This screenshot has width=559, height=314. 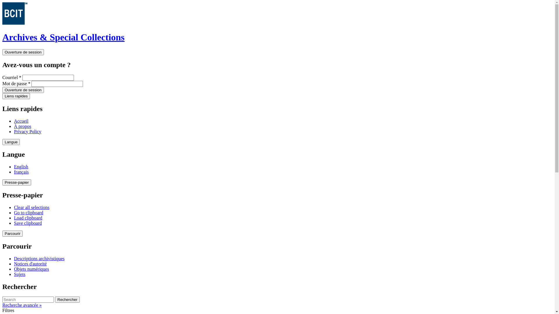 I want to click on 'English', so click(x=21, y=167).